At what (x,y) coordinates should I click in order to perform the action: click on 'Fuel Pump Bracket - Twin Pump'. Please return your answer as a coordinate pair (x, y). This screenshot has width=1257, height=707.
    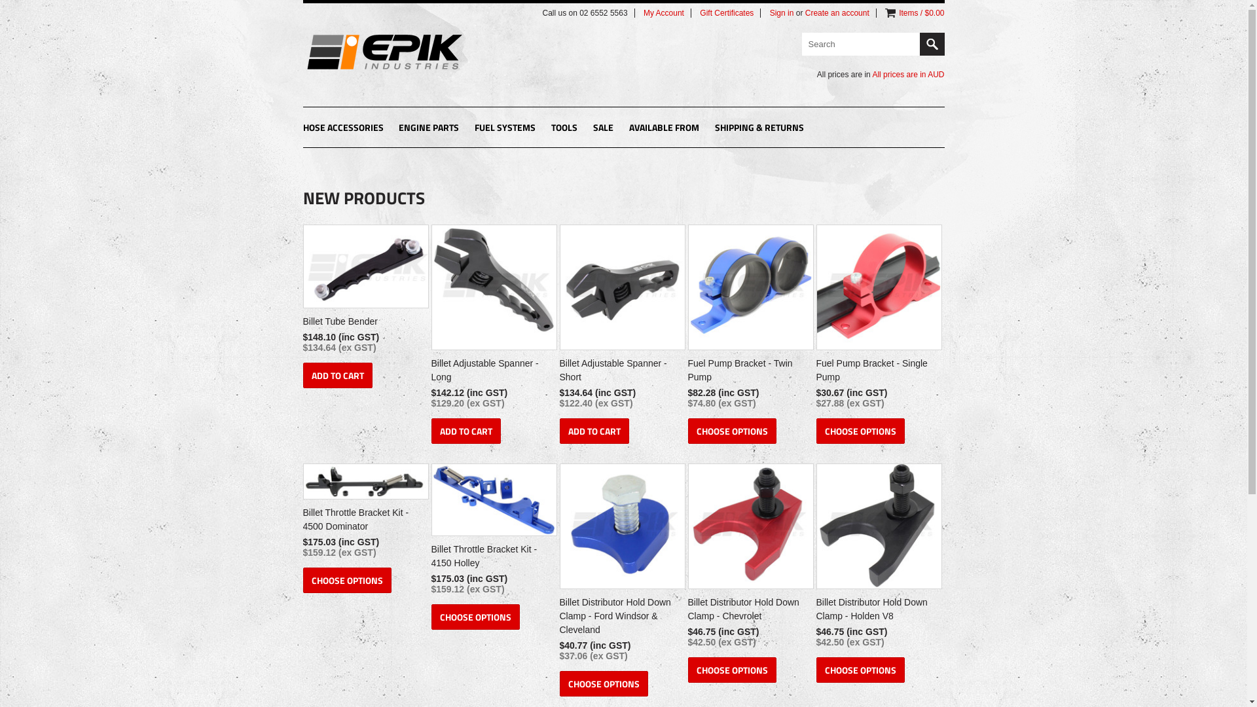
    Looking at the image, I should click on (748, 372).